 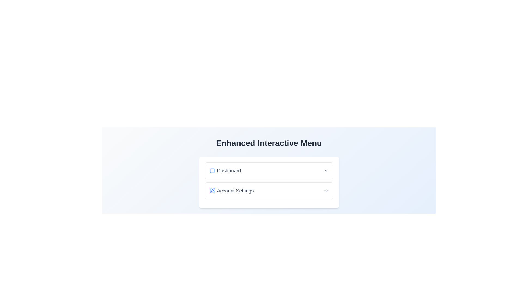 What do you see at coordinates (326, 191) in the screenshot?
I see `the dropdown toggle icon for the 'Account Settings' section` at bounding box center [326, 191].